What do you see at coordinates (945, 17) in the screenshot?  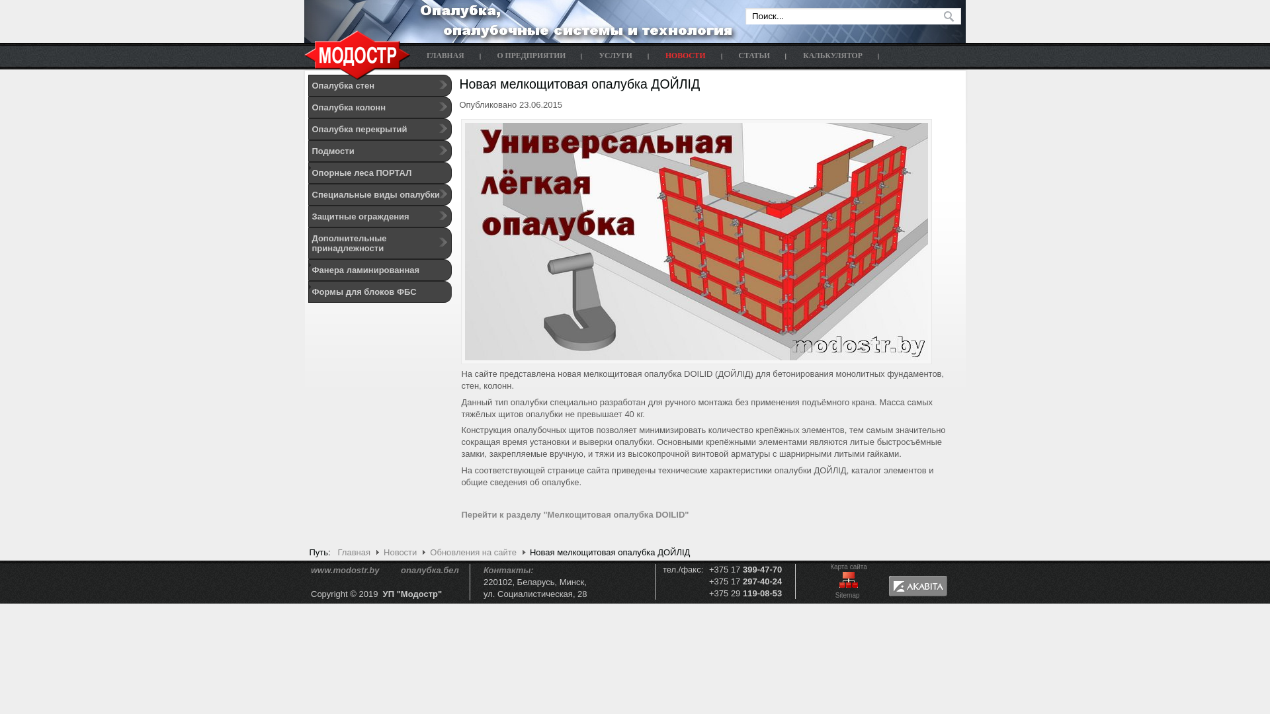 I see `' '` at bounding box center [945, 17].